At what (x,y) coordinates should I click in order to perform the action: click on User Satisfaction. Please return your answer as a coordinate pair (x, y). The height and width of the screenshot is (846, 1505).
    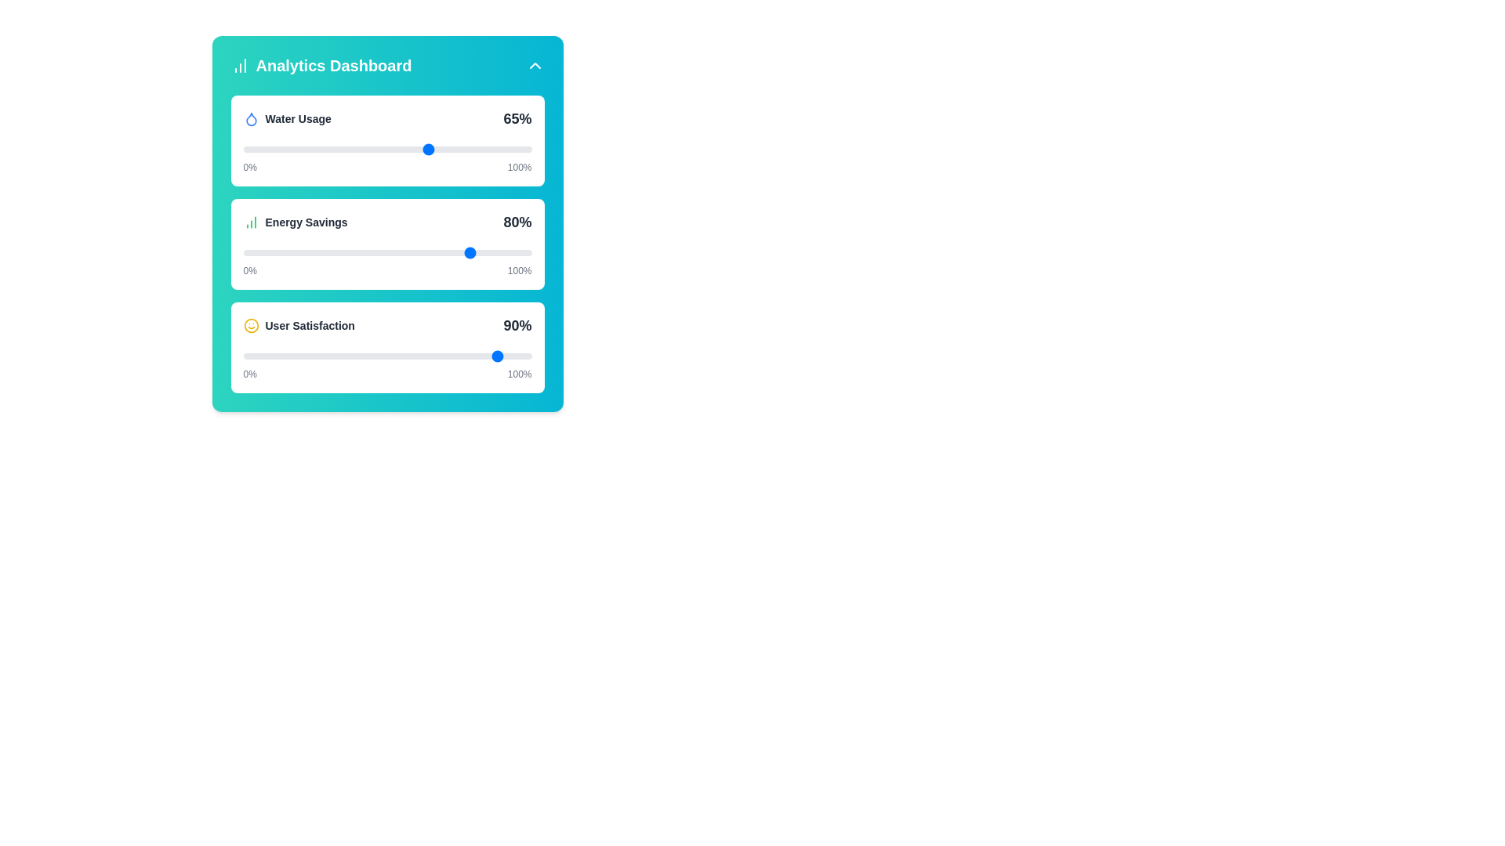
    Looking at the image, I should click on (346, 356).